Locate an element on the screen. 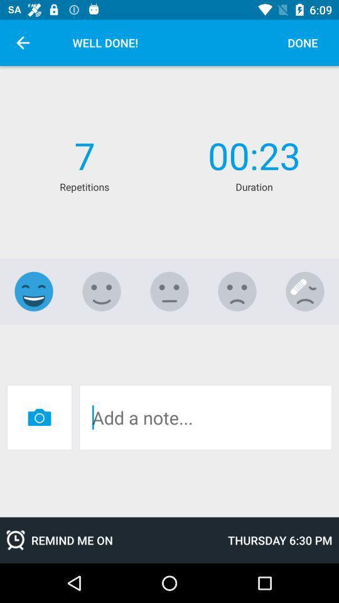 The image size is (339, 603). item to the left of the well done! icon is located at coordinates (23, 43).